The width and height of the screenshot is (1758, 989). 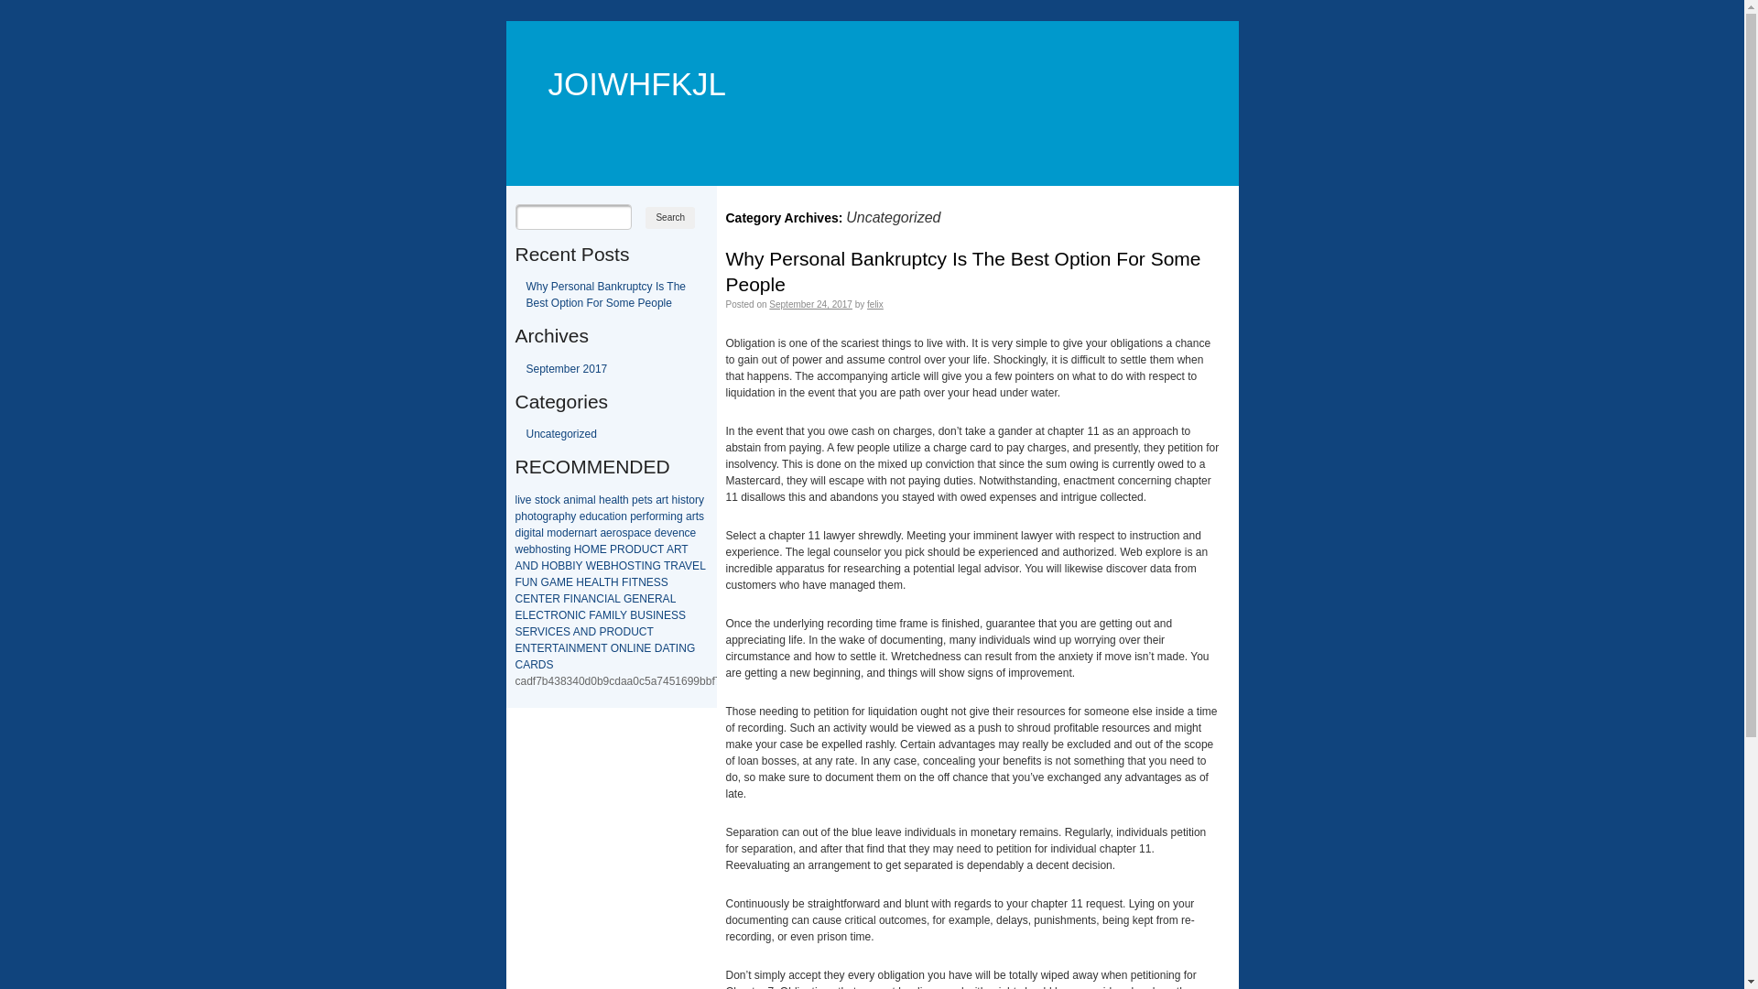 What do you see at coordinates (624, 582) in the screenshot?
I see `'F'` at bounding box center [624, 582].